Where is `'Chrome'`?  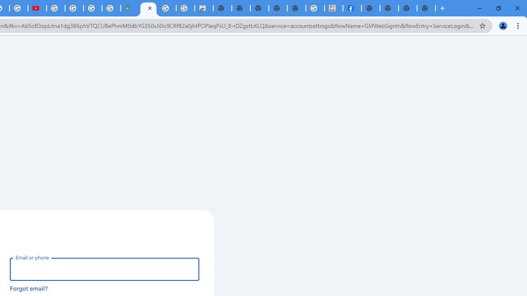
'Chrome' is located at coordinates (518, 25).